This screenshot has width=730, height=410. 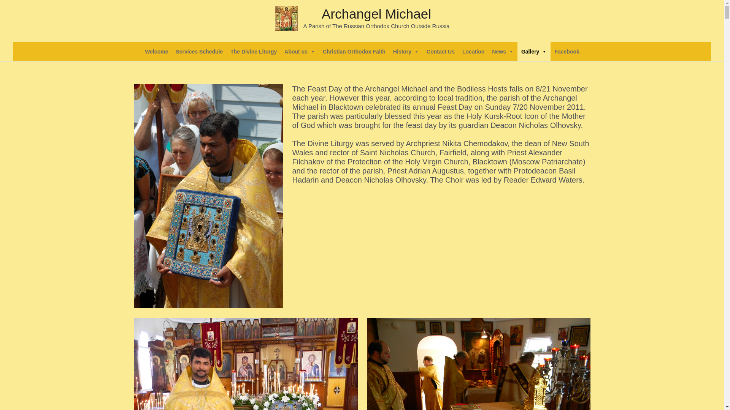 What do you see at coordinates (199, 51) in the screenshot?
I see `'Services Schedule'` at bounding box center [199, 51].